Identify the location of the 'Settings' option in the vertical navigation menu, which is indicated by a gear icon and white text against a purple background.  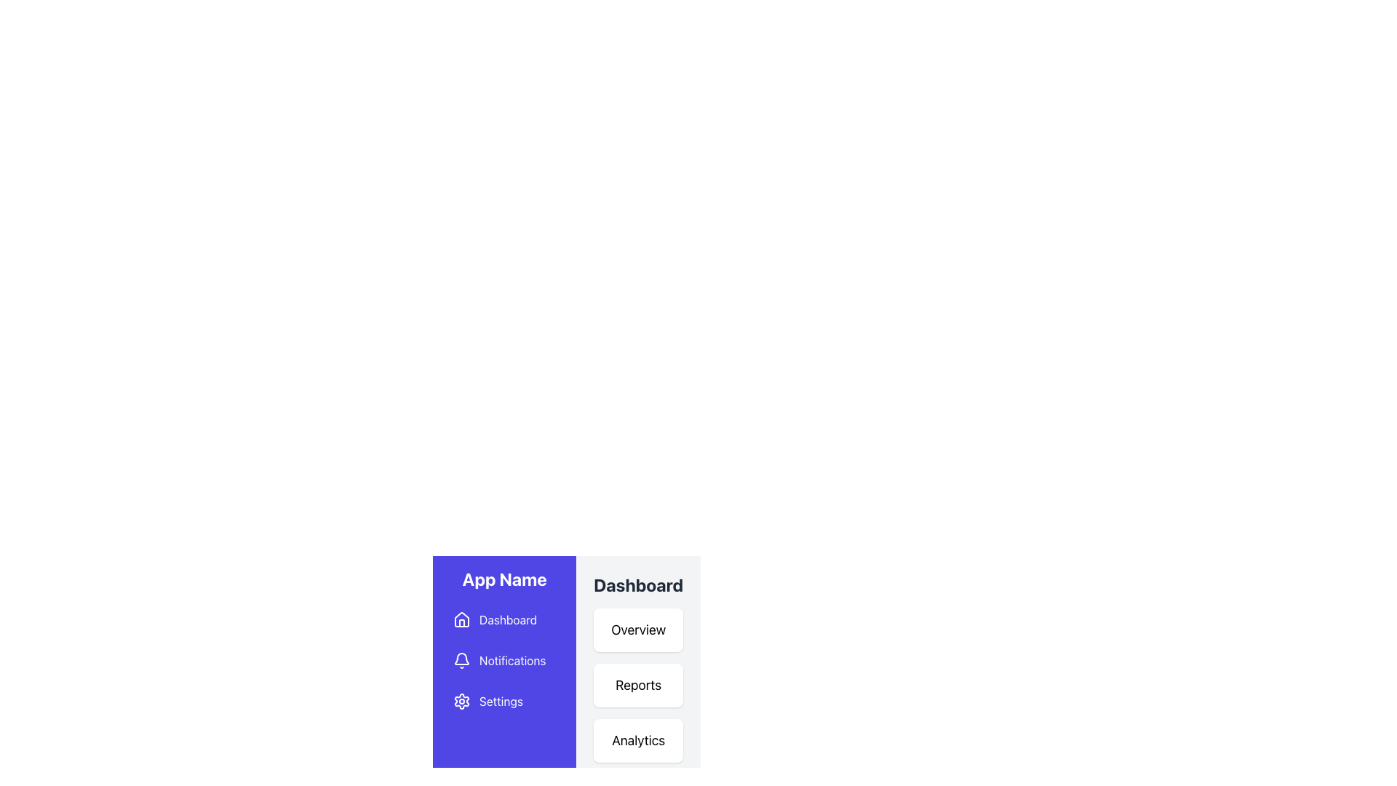
(504, 701).